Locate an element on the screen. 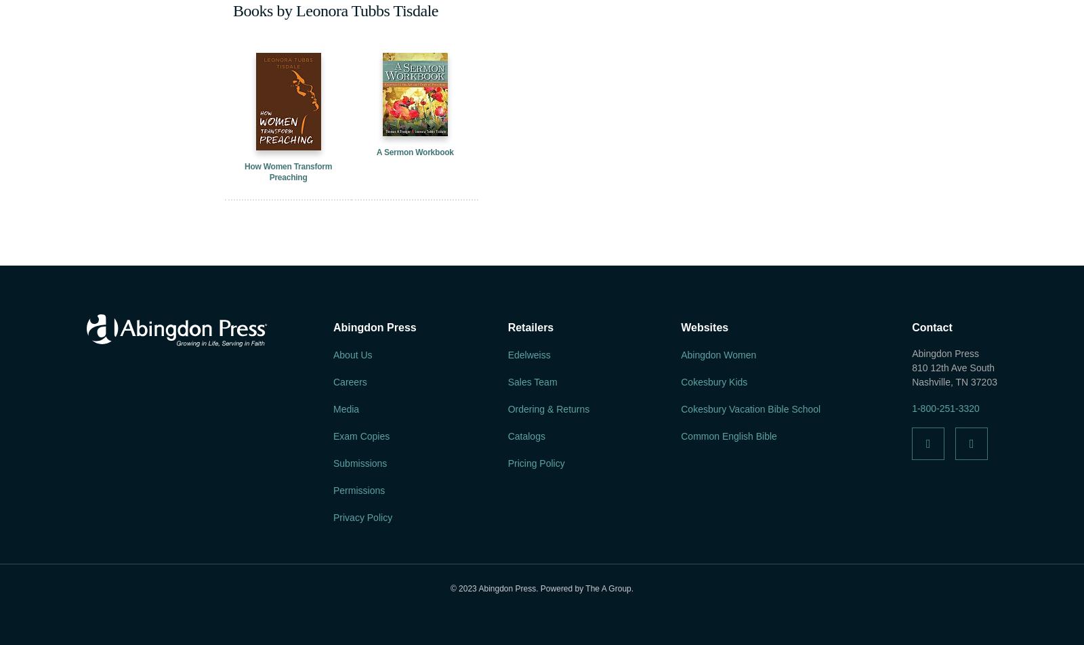 This screenshot has height=645, width=1084. 'A Sermon Workbook' is located at coordinates (415, 152).